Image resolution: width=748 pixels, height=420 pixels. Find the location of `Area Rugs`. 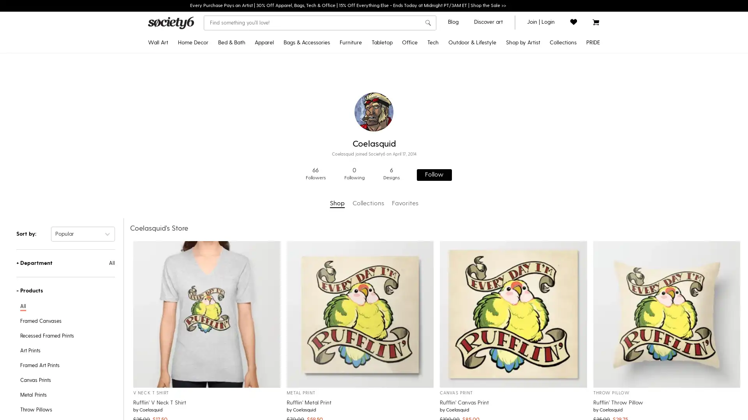

Area Rugs is located at coordinates (208, 175).